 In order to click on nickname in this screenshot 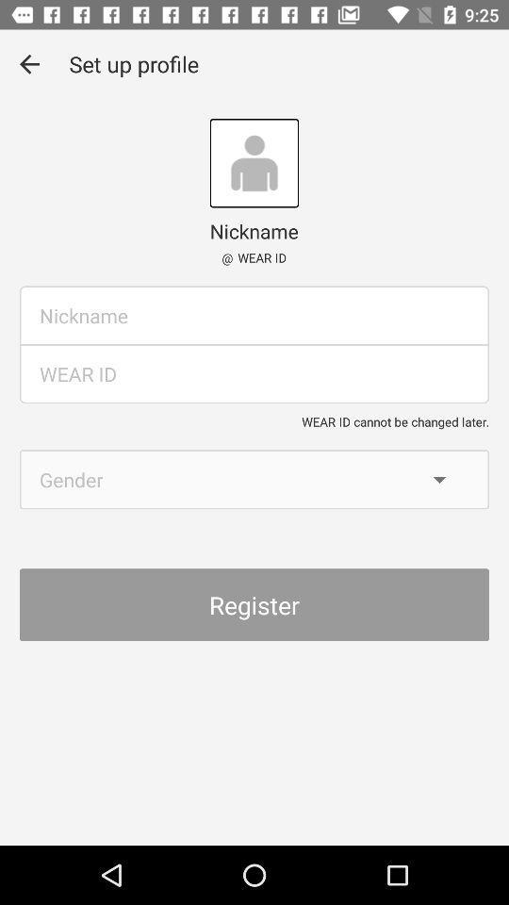, I will do `click(254, 315)`.